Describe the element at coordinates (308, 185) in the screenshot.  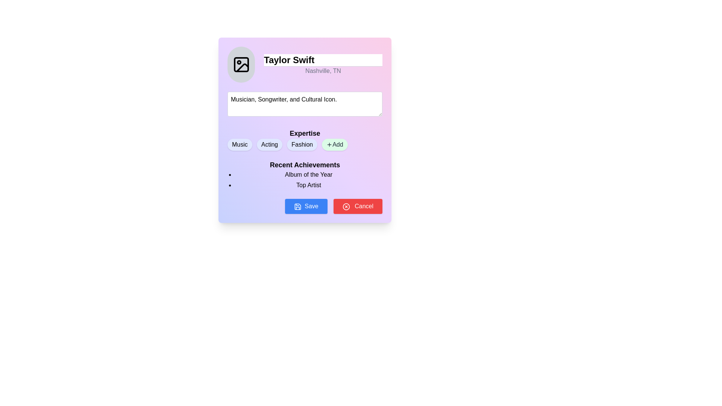
I see `the text label displaying 'Top Artist' in the 'Recent Achievements' section, which is the second item in the bulleted list` at that location.